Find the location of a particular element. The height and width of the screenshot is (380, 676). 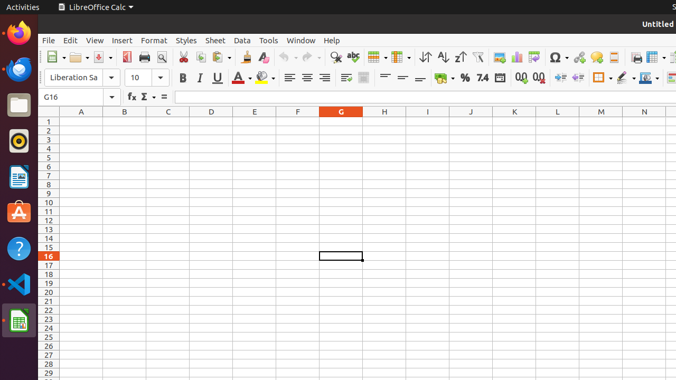

'Print Area' is located at coordinates (635, 57).